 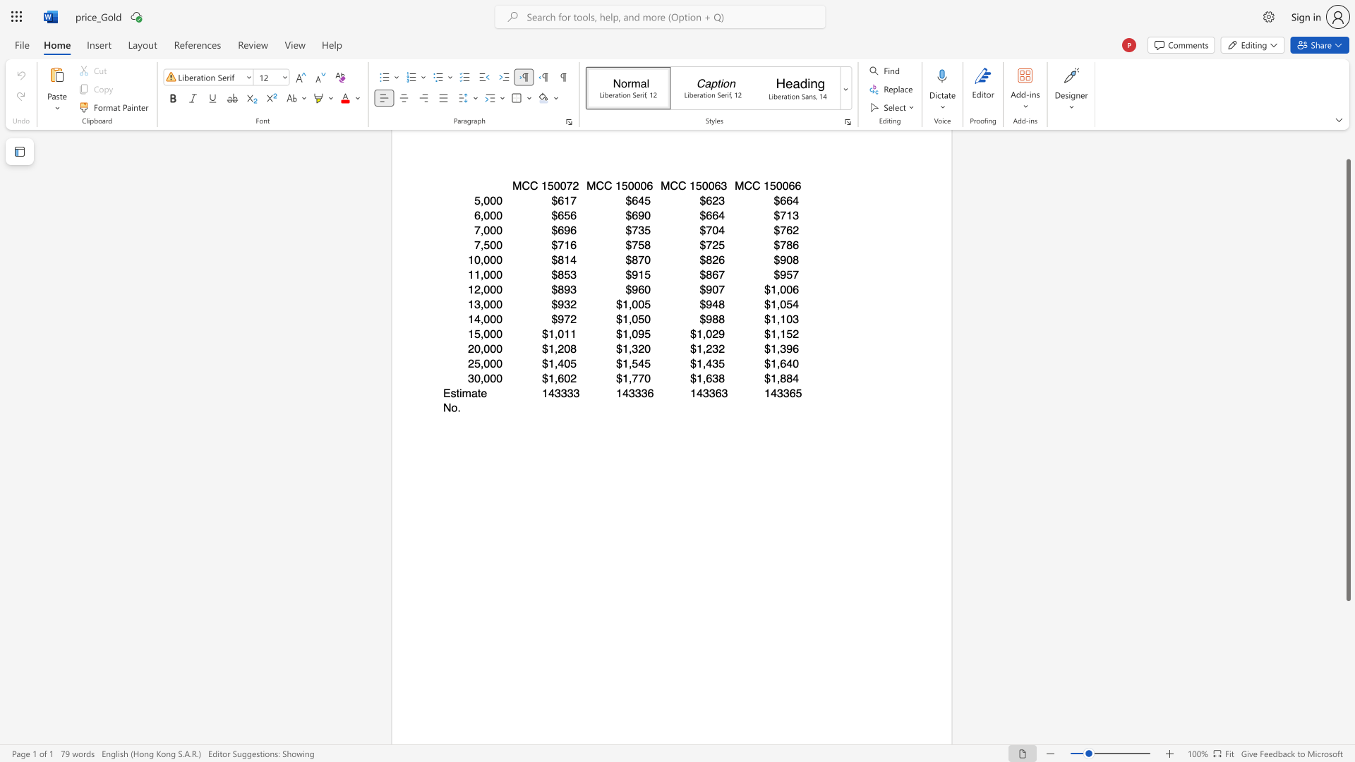 I want to click on the scrollbar and move up 20 pixels, so click(x=1347, y=380).